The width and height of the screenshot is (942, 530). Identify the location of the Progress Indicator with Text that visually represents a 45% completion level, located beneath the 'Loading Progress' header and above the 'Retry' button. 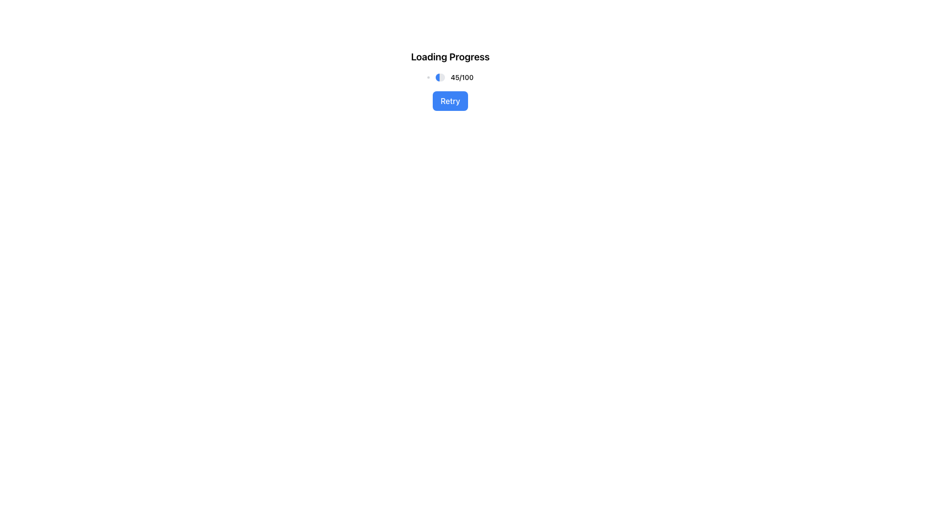
(449, 77).